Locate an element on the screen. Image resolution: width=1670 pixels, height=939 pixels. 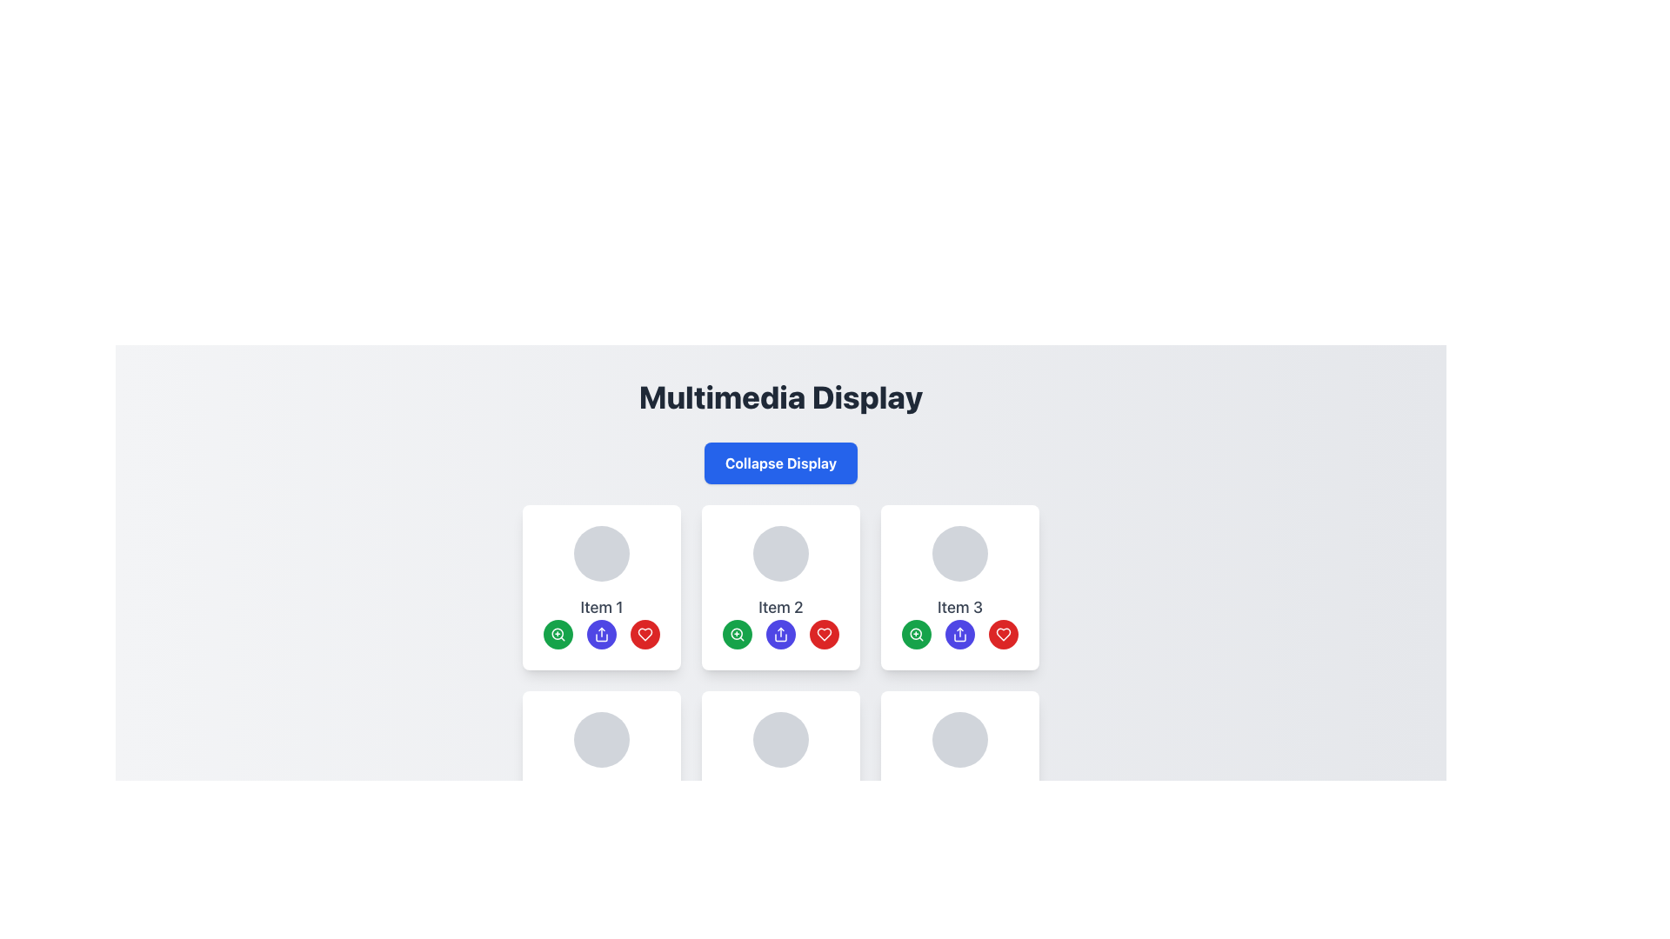
the middle circular button located at the bottom of the 'Item 1' card to initiate the sharing functionality is located at coordinates (601, 634).